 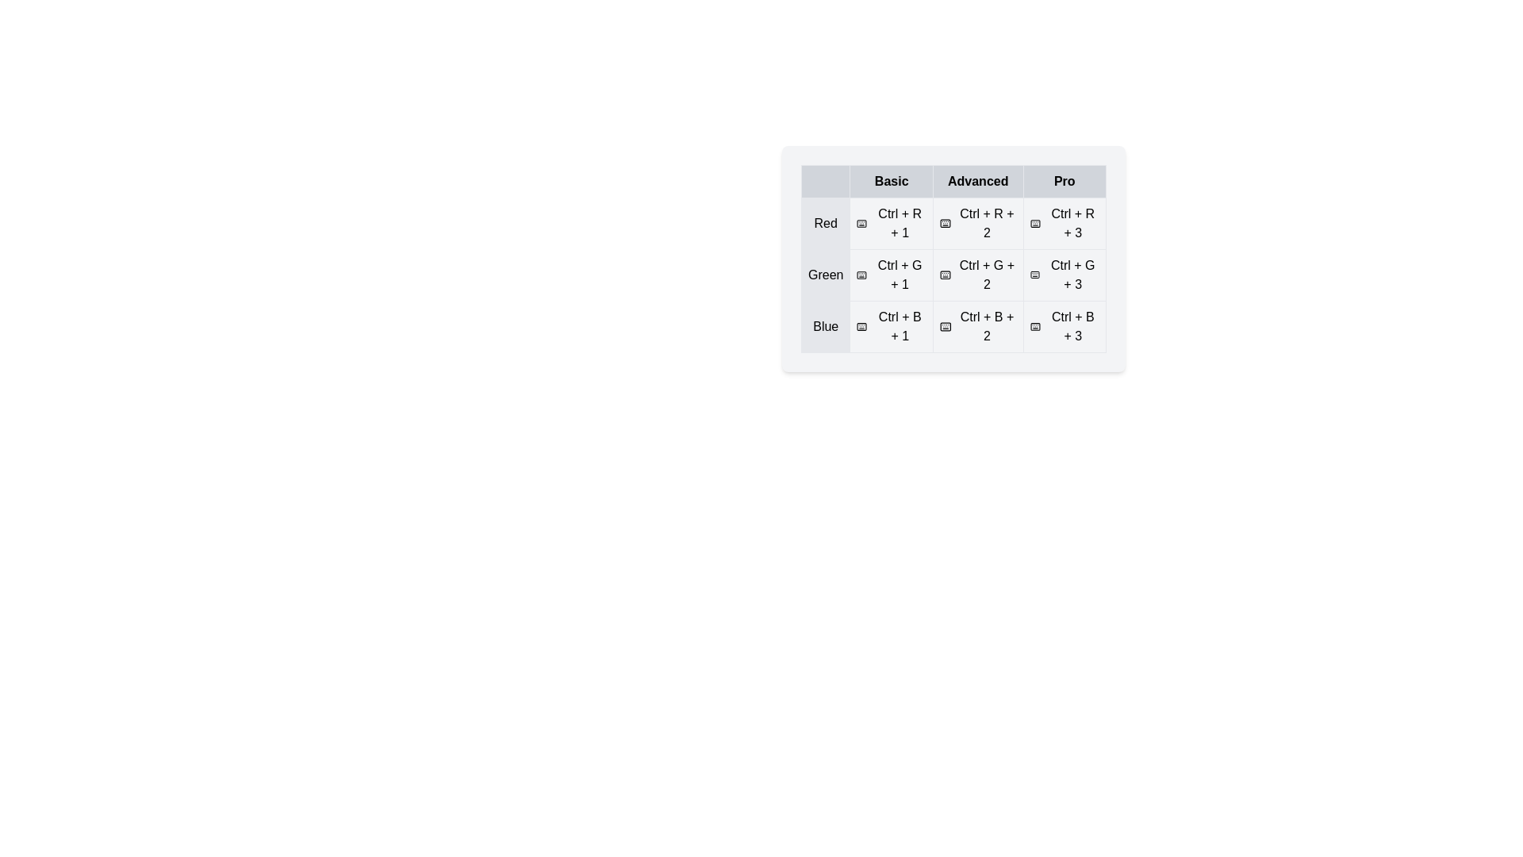 I want to click on the table cell that provides information about the shortcut key sequence for the 'Green' category under the 'Advanced' level, so click(x=953, y=275).